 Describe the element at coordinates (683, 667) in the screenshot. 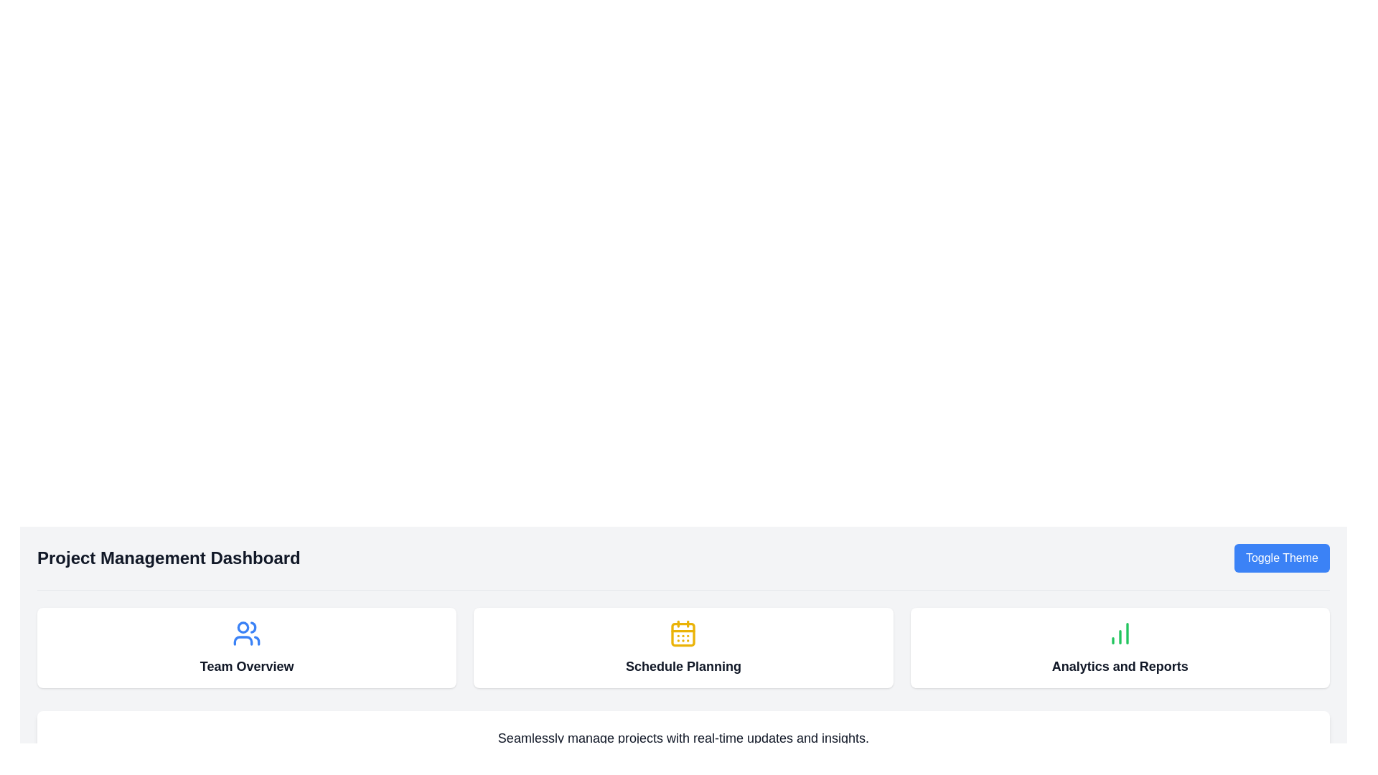

I see `the 'Schedule Planning' text label located in the middle panel of the dashboard, which is positioned below the yellow calendar icon` at that location.